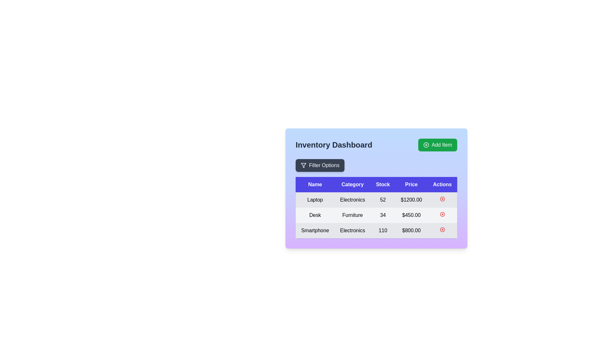 Image resolution: width=613 pixels, height=345 pixels. What do you see at coordinates (437, 145) in the screenshot?
I see `the 'Add Item' button located in the top-right corner of the 'Inventory Dashboard'` at bounding box center [437, 145].